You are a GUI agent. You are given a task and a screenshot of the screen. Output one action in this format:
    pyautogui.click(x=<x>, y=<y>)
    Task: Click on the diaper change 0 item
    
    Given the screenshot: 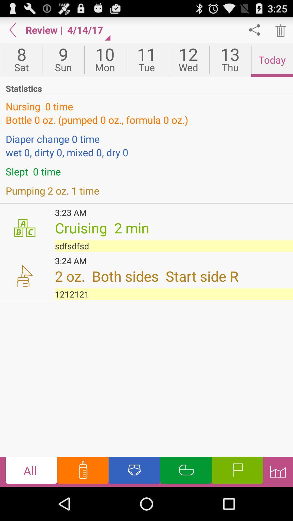 What is the action you would take?
    pyautogui.click(x=146, y=139)
    